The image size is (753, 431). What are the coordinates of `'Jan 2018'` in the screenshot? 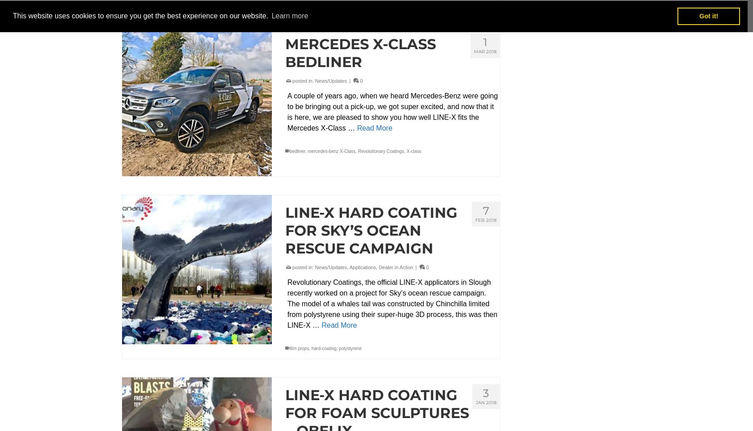 It's located at (486, 401).